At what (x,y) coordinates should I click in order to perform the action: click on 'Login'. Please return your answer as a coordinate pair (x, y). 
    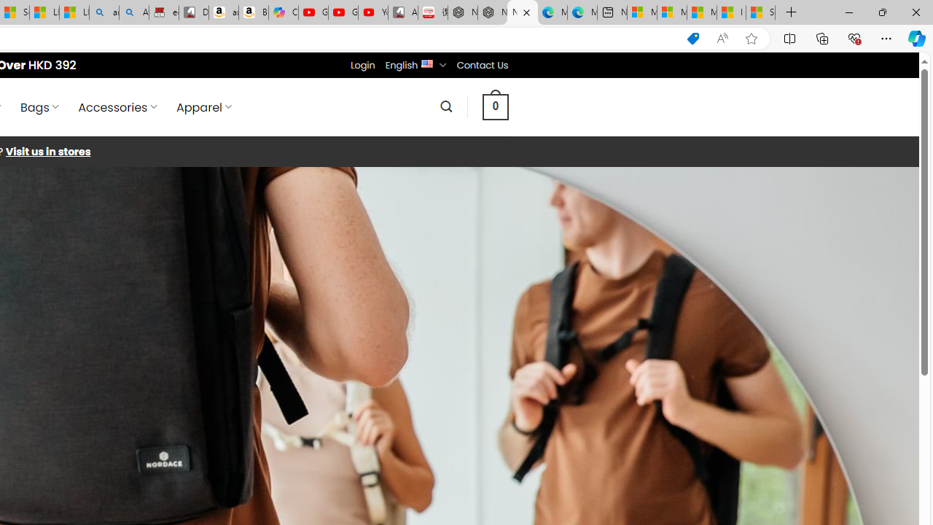
    Looking at the image, I should click on (362, 64).